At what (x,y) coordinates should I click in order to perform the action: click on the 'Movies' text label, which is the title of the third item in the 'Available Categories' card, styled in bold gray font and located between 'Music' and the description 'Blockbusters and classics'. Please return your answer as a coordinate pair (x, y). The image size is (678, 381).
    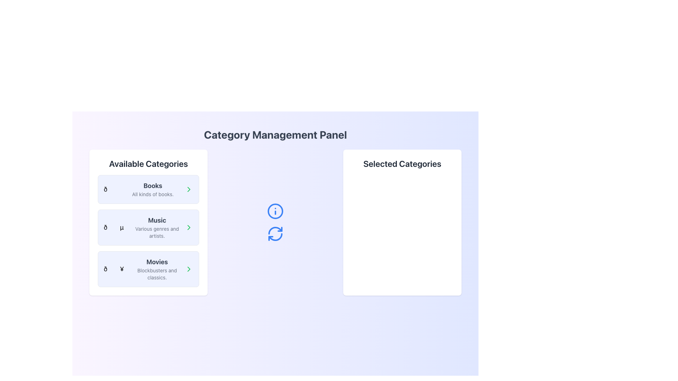
    Looking at the image, I should click on (157, 262).